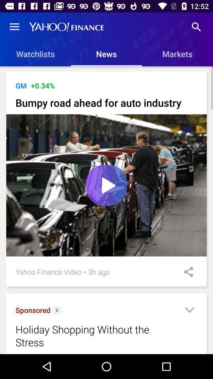 The width and height of the screenshot is (213, 379). Describe the element at coordinates (32, 310) in the screenshot. I see `icon above holiday shopping without` at that location.